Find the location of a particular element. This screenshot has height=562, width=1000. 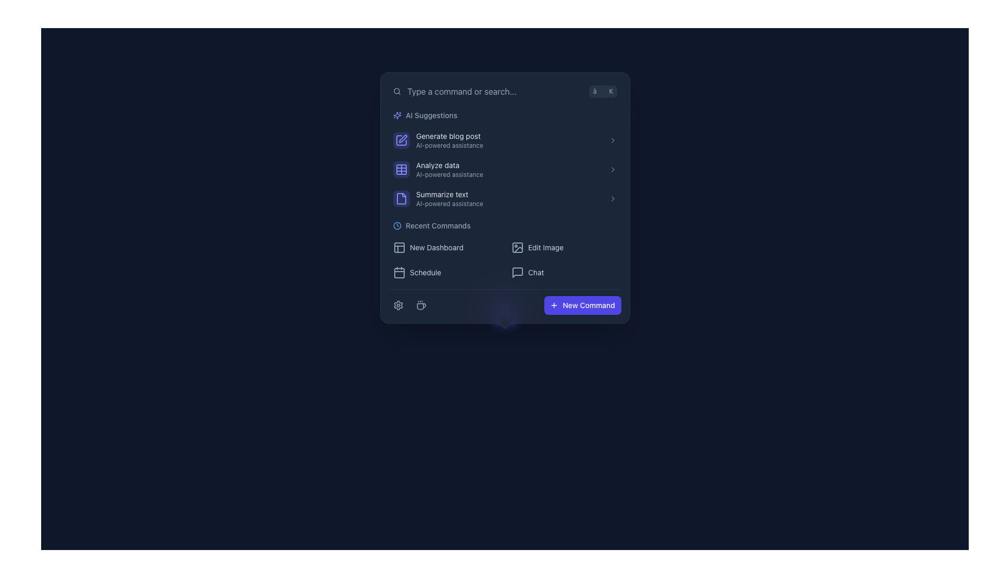

the icon representing an option or tool for analyzing or displaying data in table format, located under the 'AI Suggestions' section, second from the top is located at coordinates (401, 169).